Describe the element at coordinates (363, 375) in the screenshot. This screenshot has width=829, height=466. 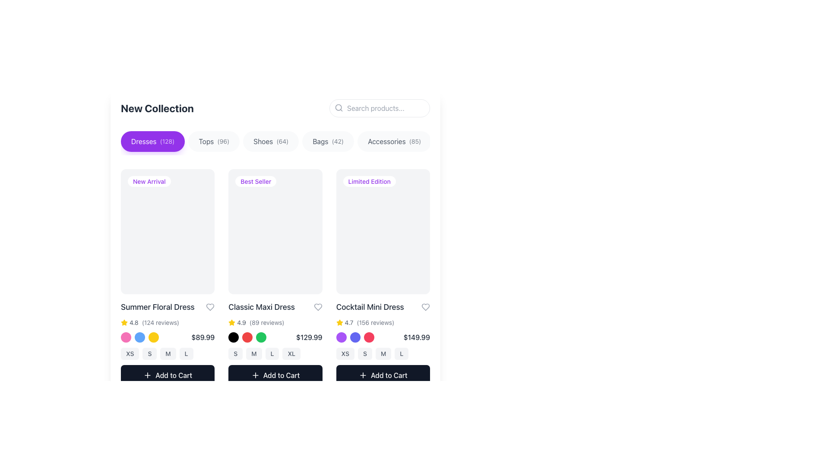
I see `the '+' icon within the 'Add to Cart' button, which is styled with a round design and set against a dark blue background` at that location.